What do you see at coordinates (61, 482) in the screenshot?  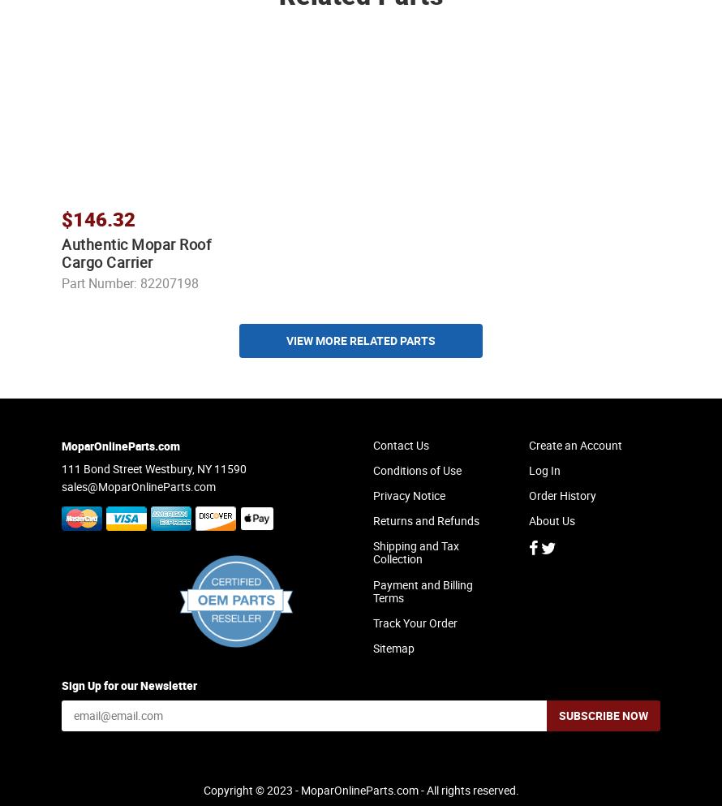 I see `'111 Bond Street Westbury, NY 11590'` at bounding box center [61, 482].